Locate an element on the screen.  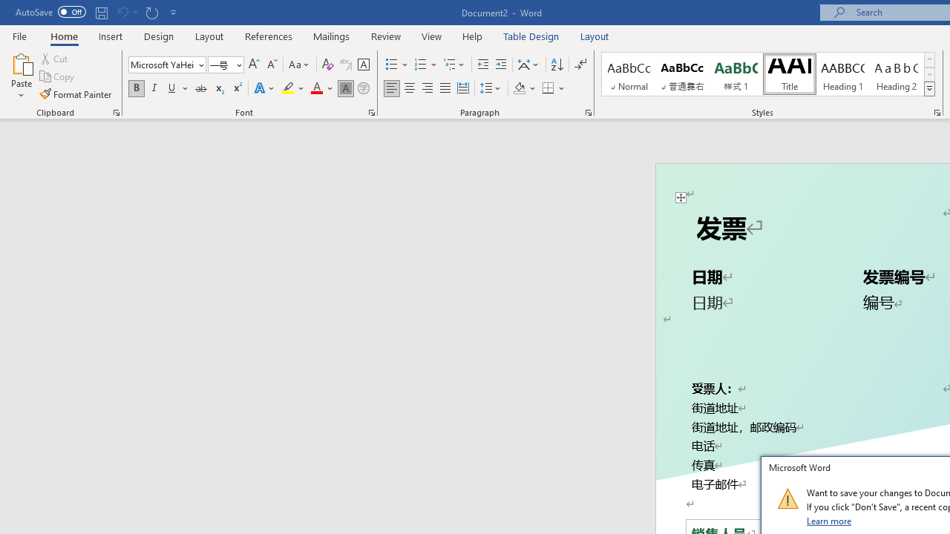
'Subscript' is located at coordinates (218, 88).